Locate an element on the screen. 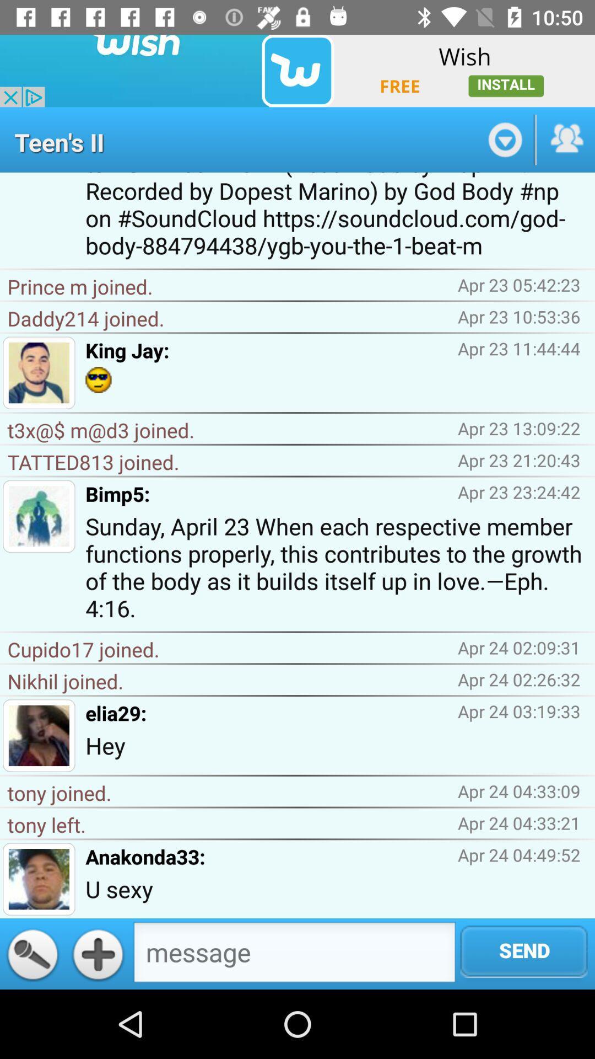 This screenshot has width=595, height=1059. type message is located at coordinates (294, 954).